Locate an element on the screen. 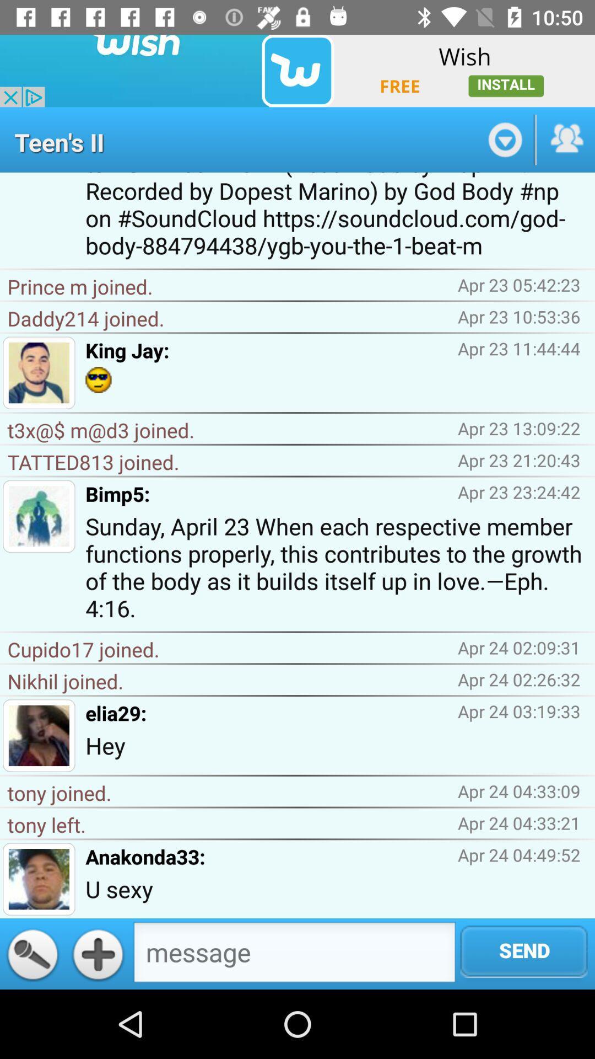 This screenshot has width=595, height=1059. type message is located at coordinates (294, 954).